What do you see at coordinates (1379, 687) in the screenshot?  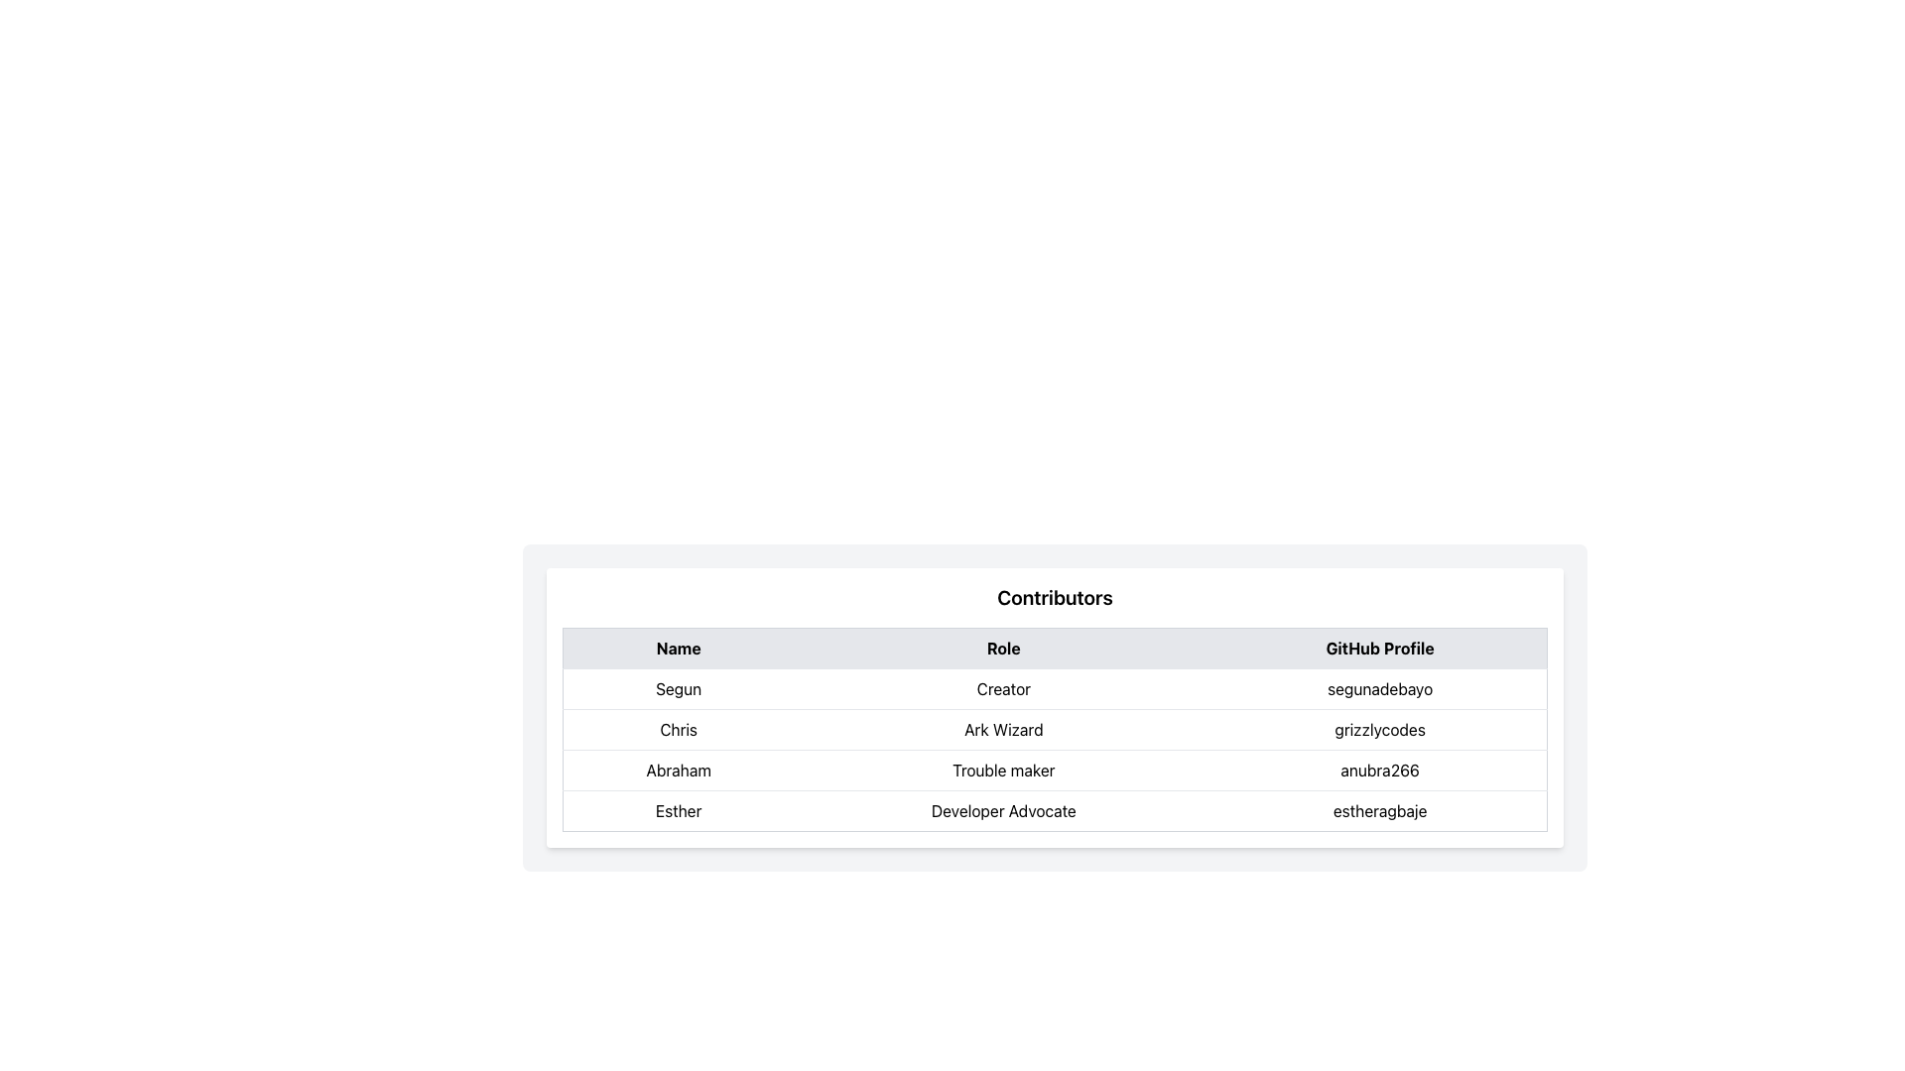 I see `text displayed in the Text label that shows 'segunadebayo', located in the third column of the first row under the 'GitHub Profile' header in the table` at bounding box center [1379, 687].